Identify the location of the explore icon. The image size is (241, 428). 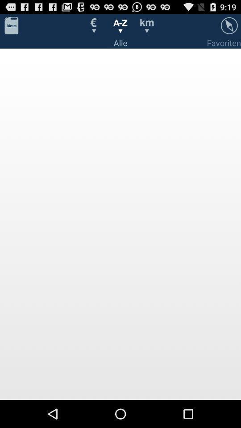
(229, 27).